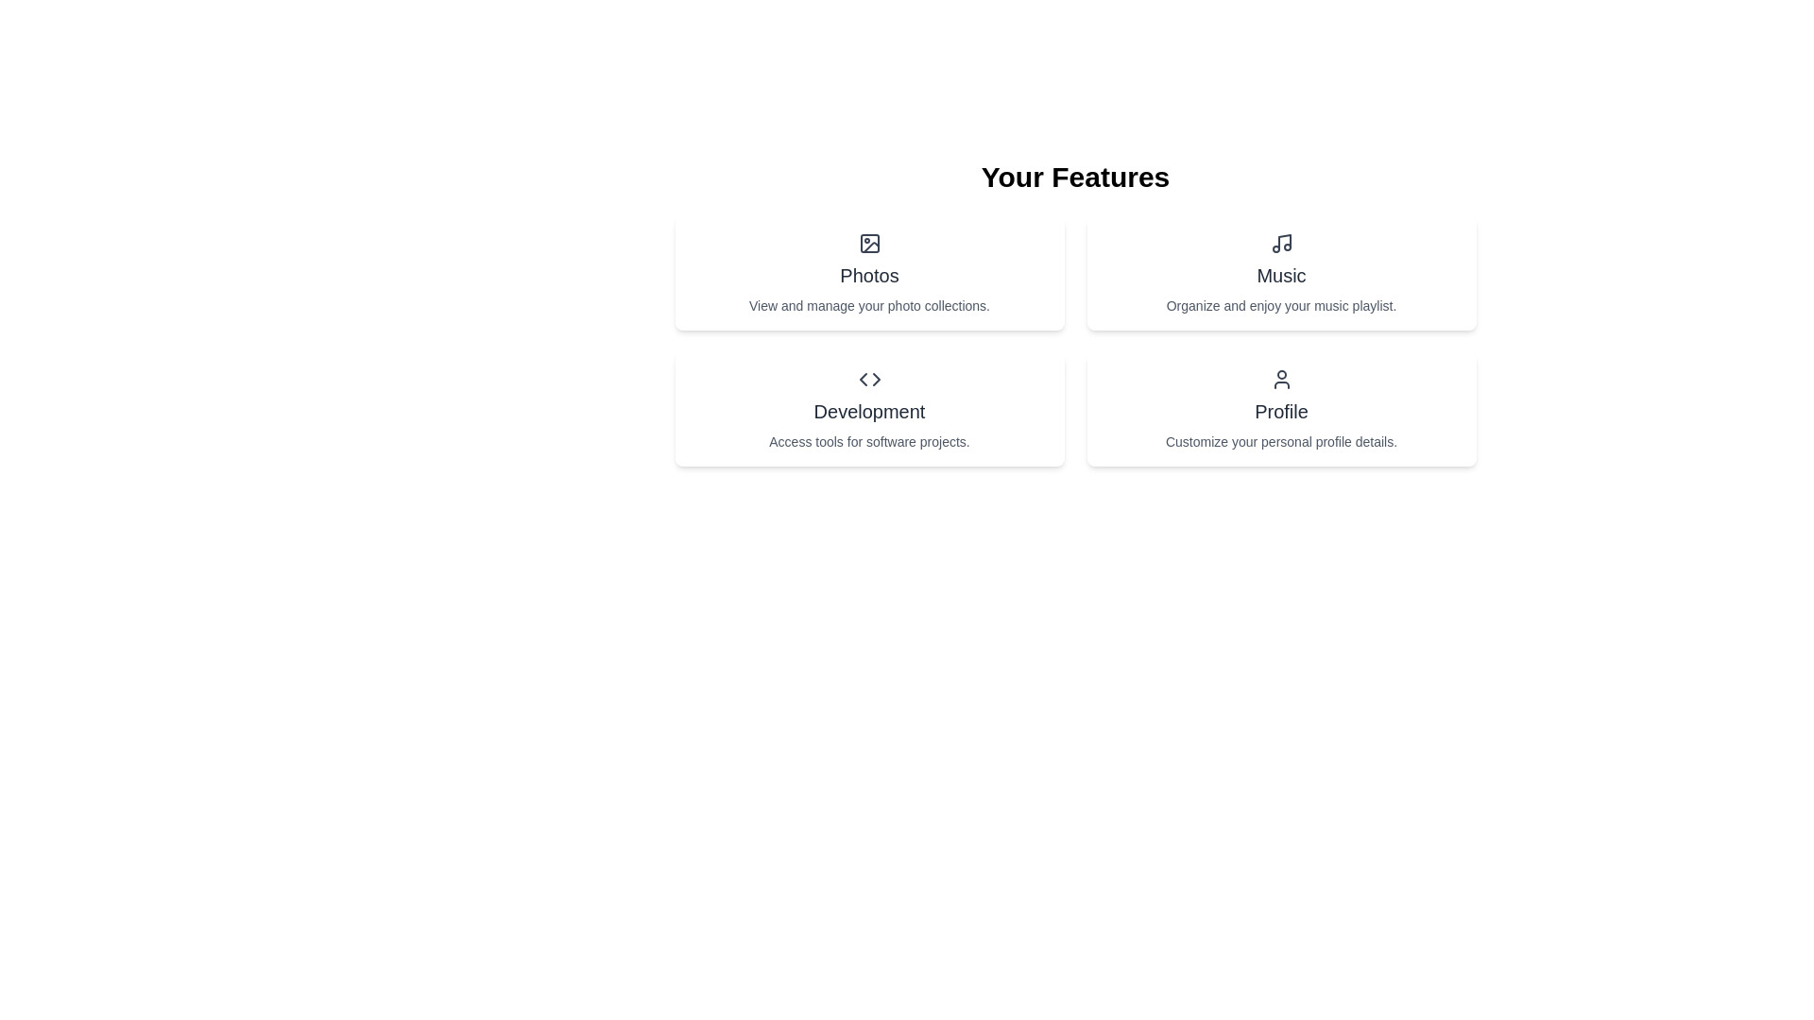  I want to click on the user profile silhouette icon located at the top center of the 'Profile' section card, above the text 'Profile', so click(1281, 379).